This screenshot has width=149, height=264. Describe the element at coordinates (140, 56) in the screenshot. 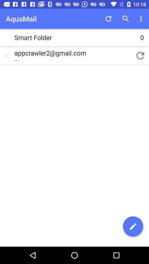

I see `item next to the appcrawler2@gmail.com item` at that location.